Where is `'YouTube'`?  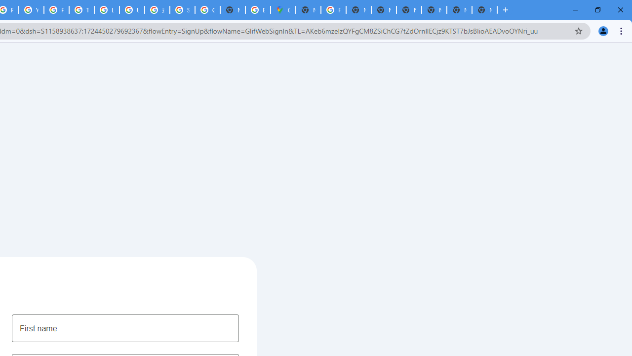 'YouTube' is located at coordinates (32, 10).